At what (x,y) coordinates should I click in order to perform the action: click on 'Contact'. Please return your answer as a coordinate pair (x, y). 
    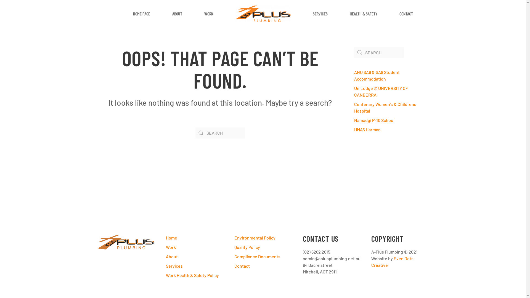
    Looking at the image, I should click on (262, 266).